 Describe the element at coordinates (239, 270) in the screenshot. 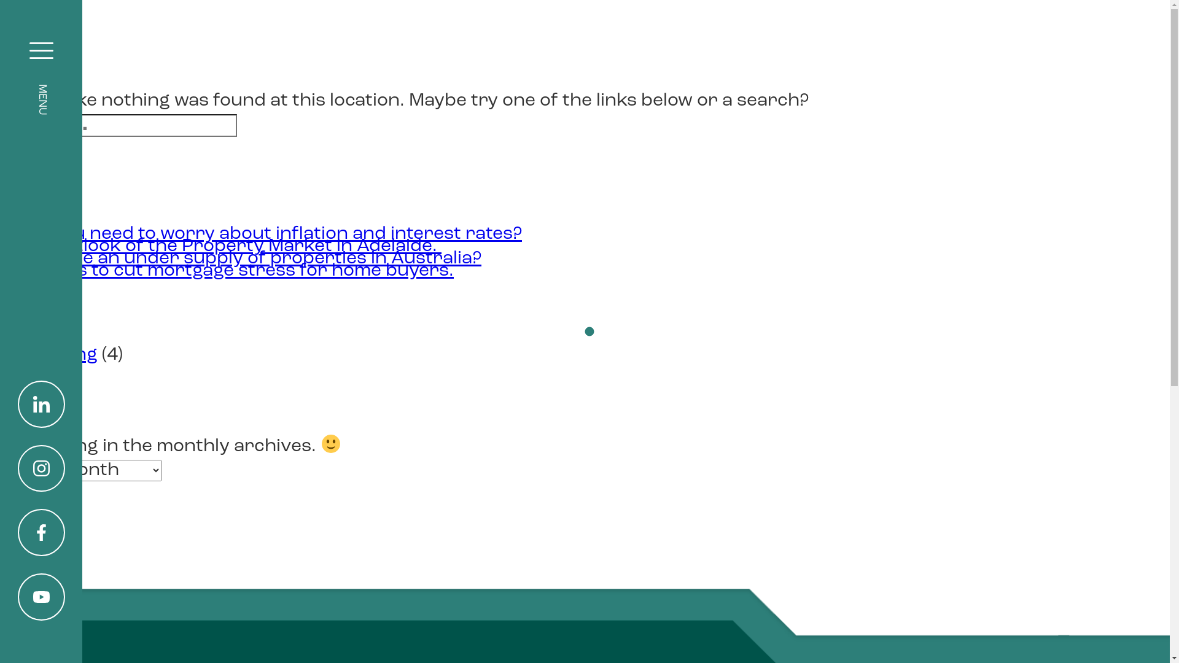

I see `'5 Ways to cut mortgage stress for home buyers.'` at that location.